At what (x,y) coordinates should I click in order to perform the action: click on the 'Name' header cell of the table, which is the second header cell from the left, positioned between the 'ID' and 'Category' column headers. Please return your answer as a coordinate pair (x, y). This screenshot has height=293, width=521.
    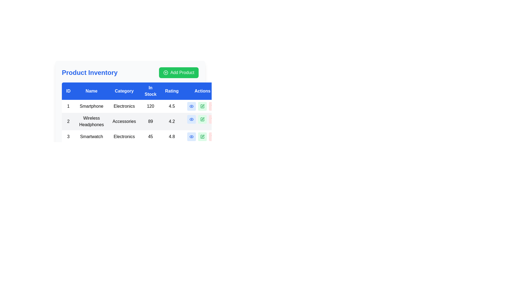
    Looking at the image, I should click on (91, 91).